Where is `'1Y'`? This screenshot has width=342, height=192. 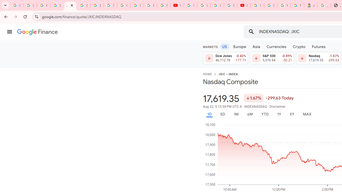 '1Y' is located at coordinates (279, 114).